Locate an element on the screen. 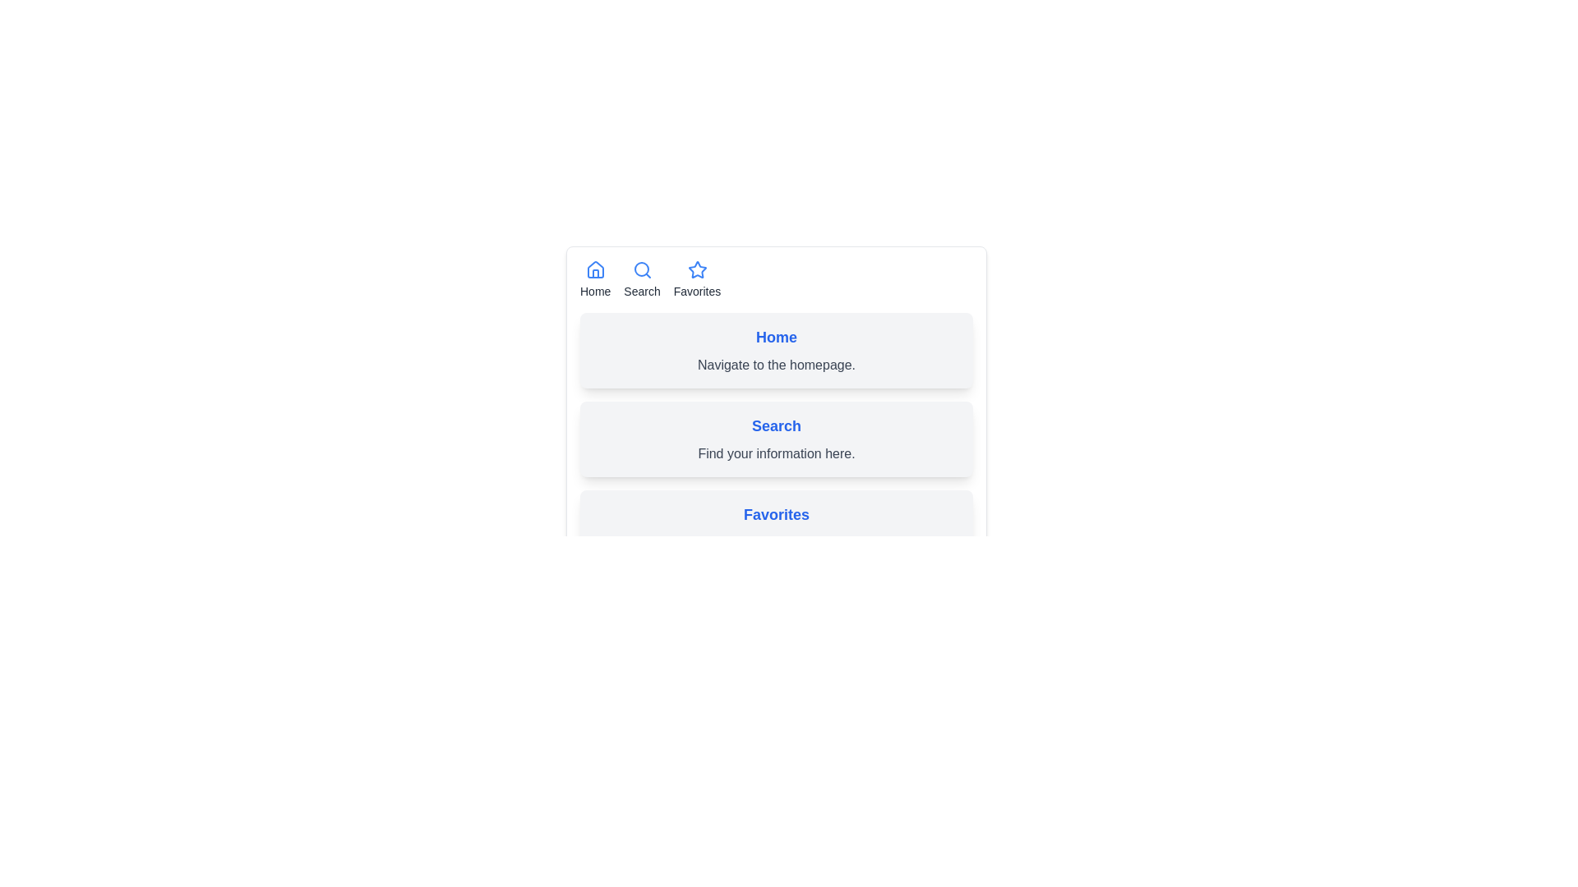  the Descriptive Text located below the bold 'Home' heading within the card labeled 'Home', which is positioned in the second line of the card is located at coordinates (776, 364).